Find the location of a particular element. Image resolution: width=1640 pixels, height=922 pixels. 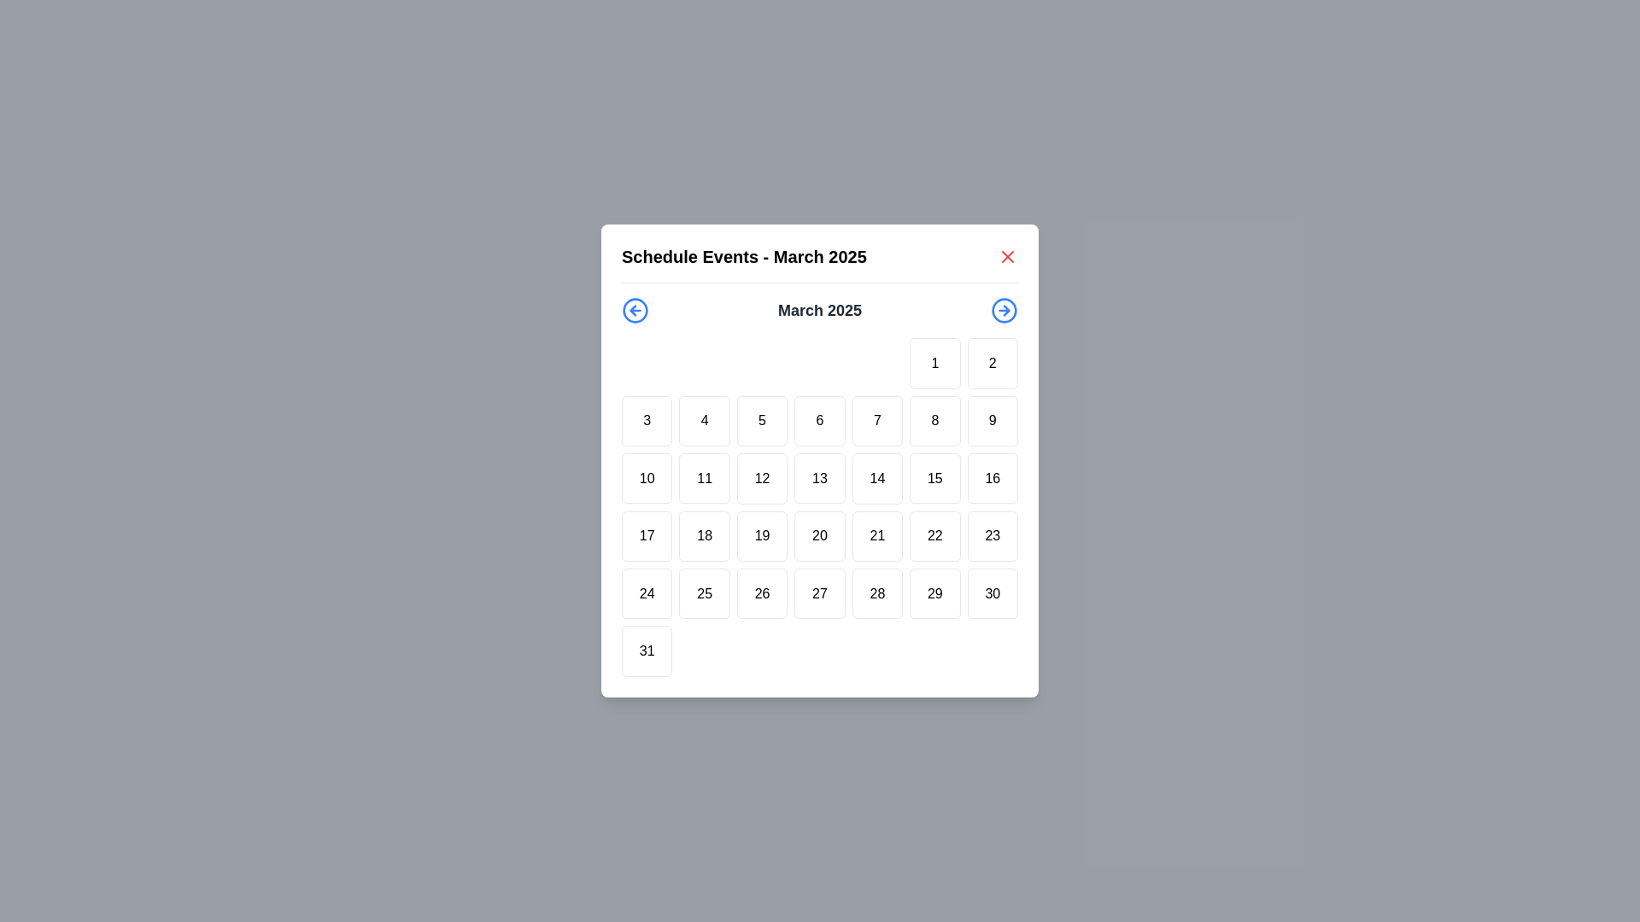

the square-shaped button with the numeric text '2', which is styled with a rounded border and light background is located at coordinates (993, 362).